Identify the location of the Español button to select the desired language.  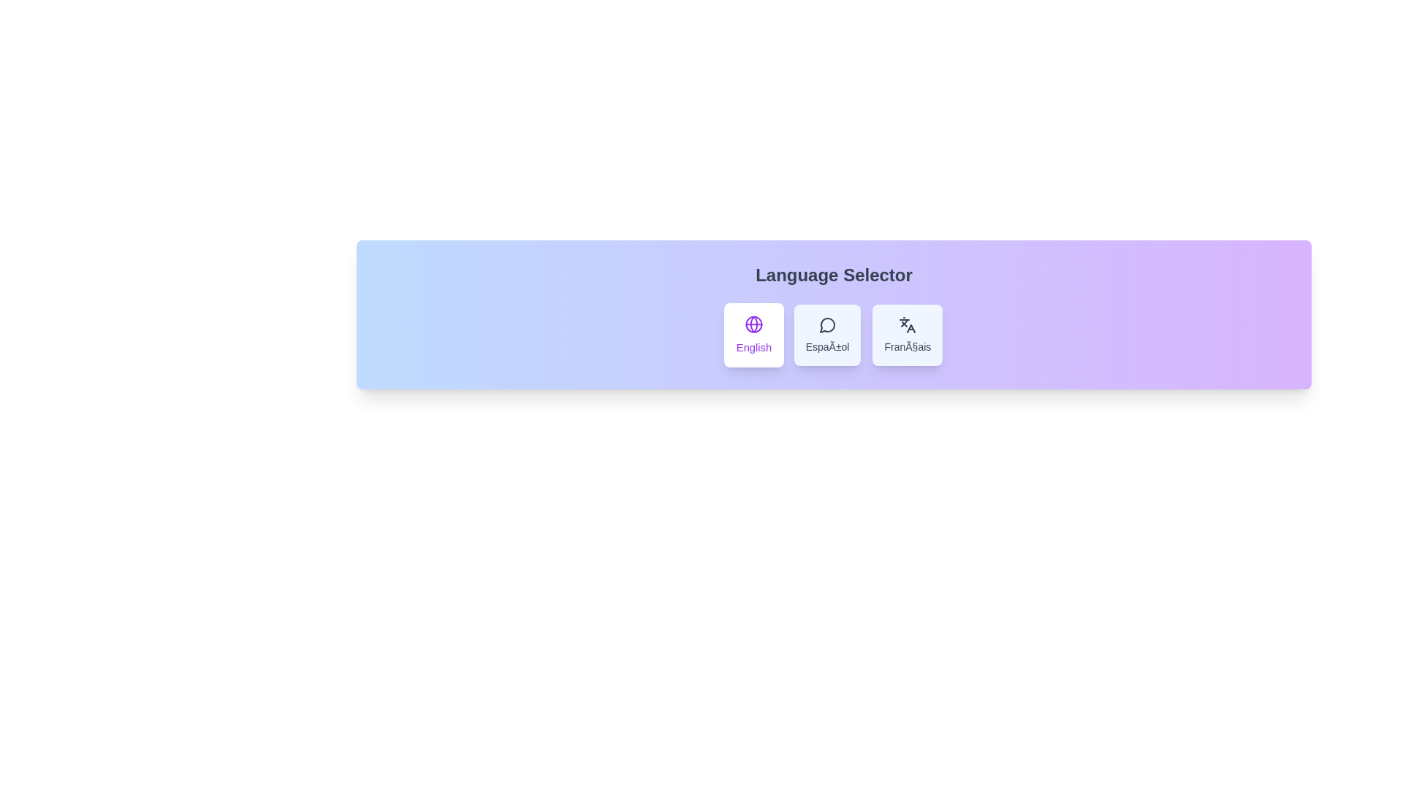
(827, 335).